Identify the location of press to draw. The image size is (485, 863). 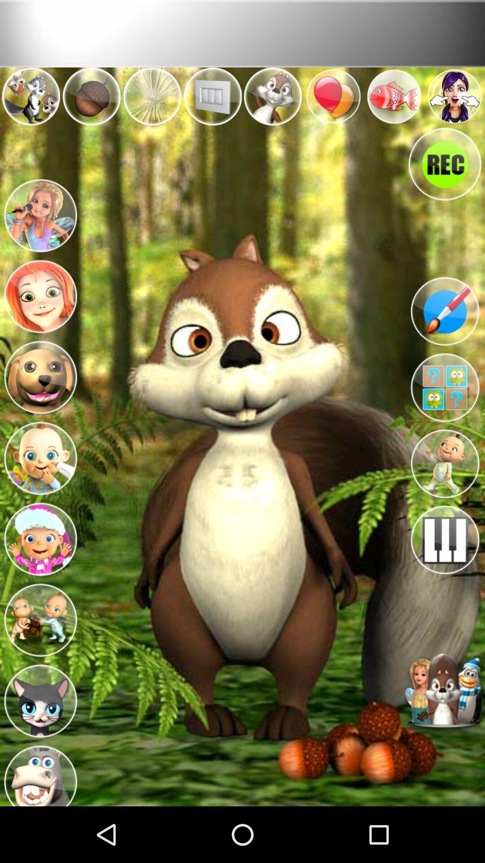
(445, 311).